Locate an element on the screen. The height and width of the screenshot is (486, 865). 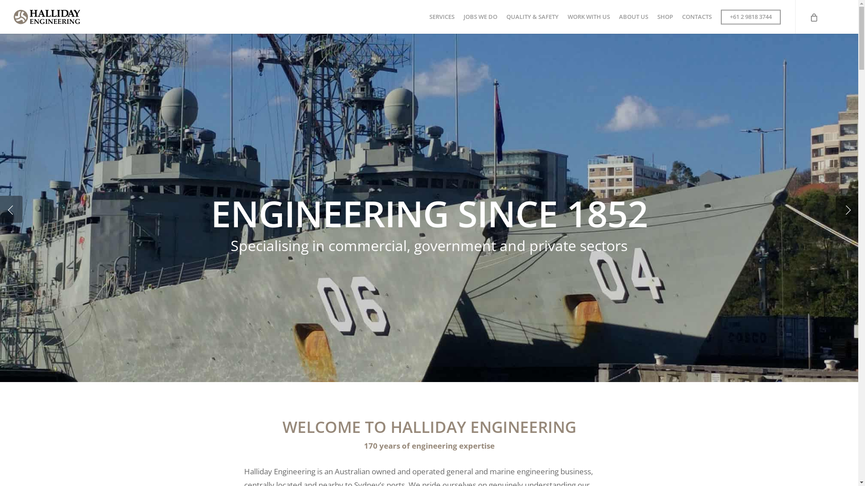
'Menu' is located at coordinates (841, 4).